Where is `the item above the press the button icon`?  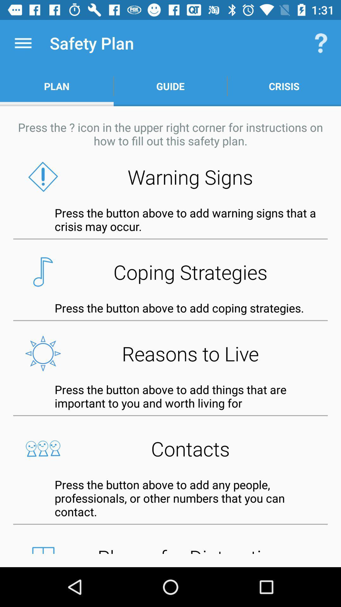
the item above the press the button icon is located at coordinates (170, 353).